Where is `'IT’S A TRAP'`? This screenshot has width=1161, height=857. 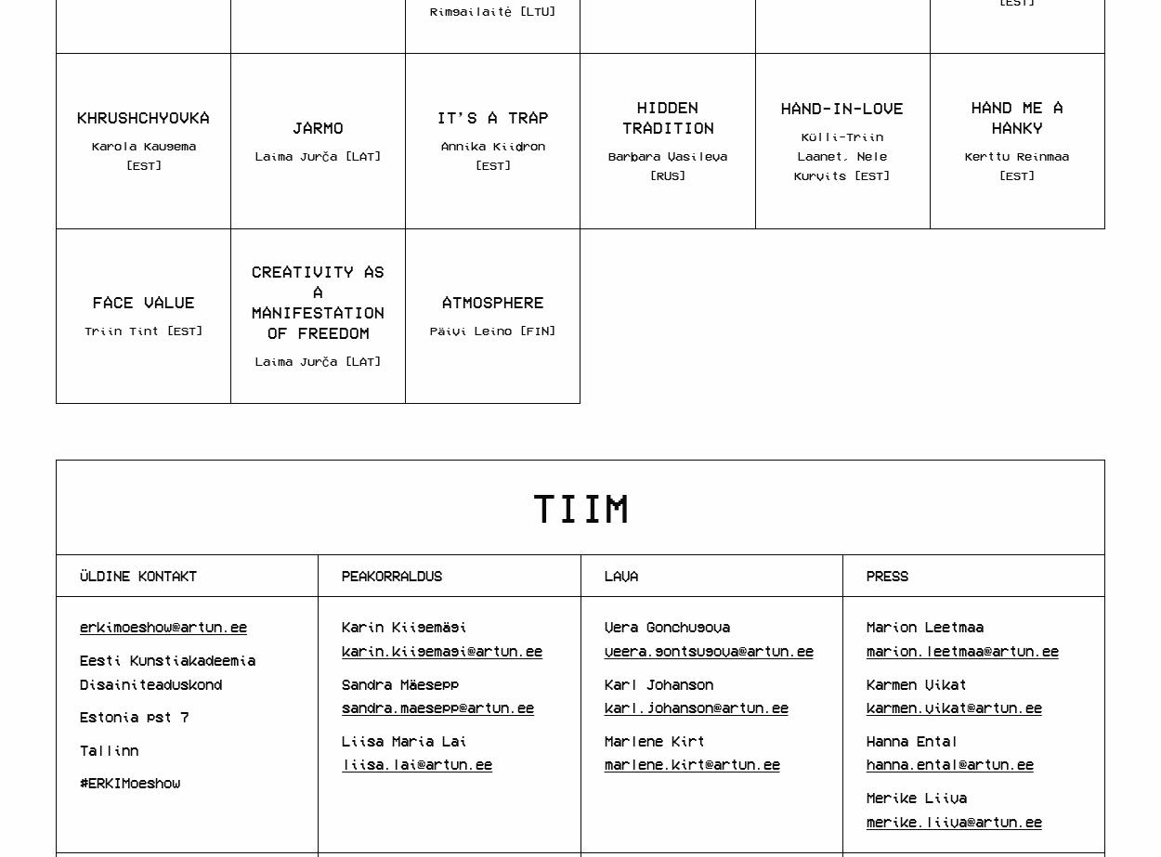
'IT’S A TRAP' is located at coordinates (492, 116).